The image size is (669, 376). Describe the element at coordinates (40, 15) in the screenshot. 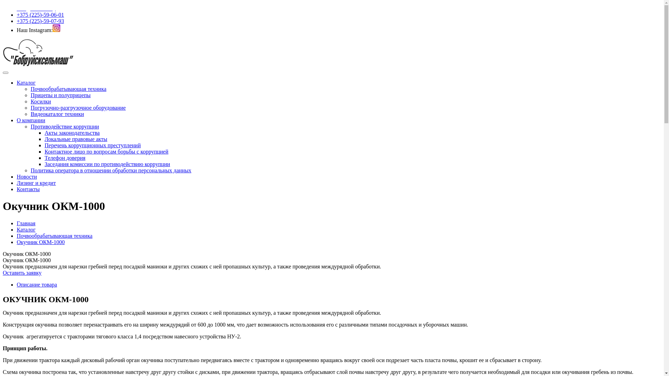

I see `'+375 (225)-59-06-01'` at that location.